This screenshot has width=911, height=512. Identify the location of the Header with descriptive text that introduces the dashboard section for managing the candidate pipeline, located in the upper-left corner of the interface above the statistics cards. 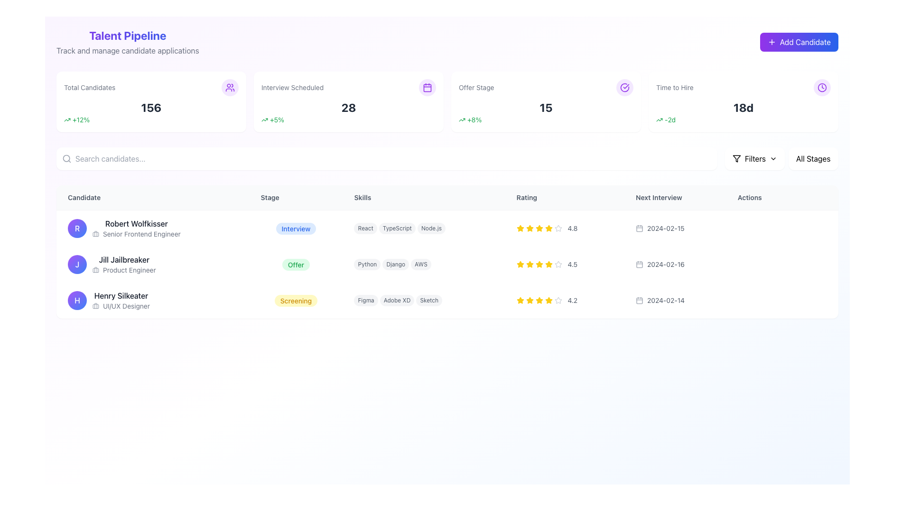
(127, 41).